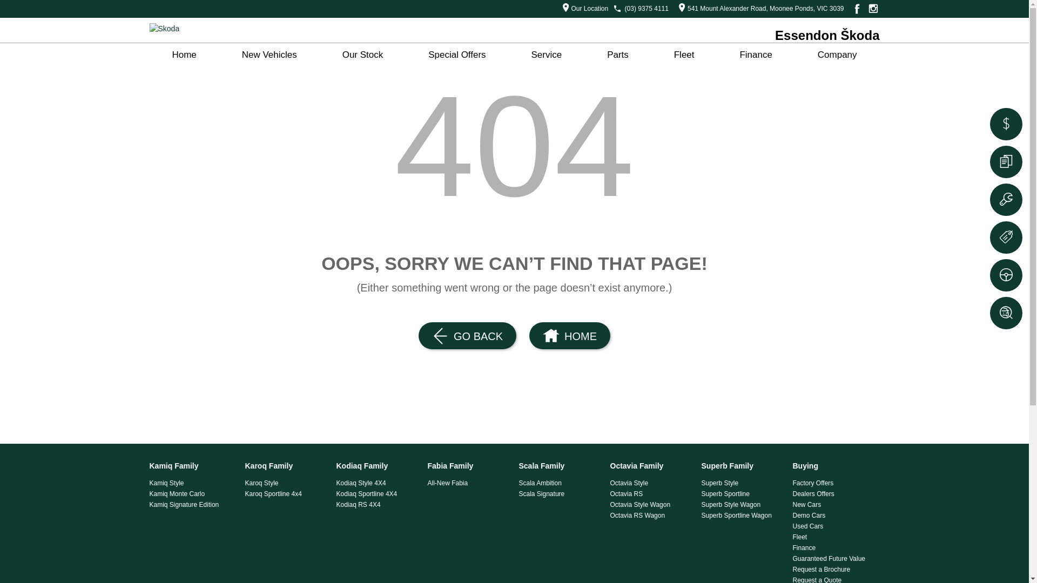  I want to click on 'Octavia Style', so click(651, 482).